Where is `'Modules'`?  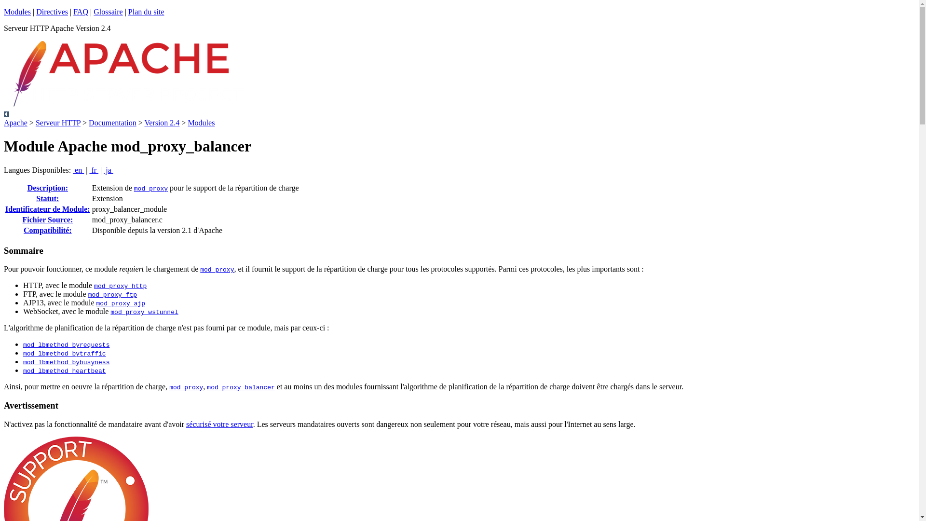 'Modules' is located at coordinates (17, 12).